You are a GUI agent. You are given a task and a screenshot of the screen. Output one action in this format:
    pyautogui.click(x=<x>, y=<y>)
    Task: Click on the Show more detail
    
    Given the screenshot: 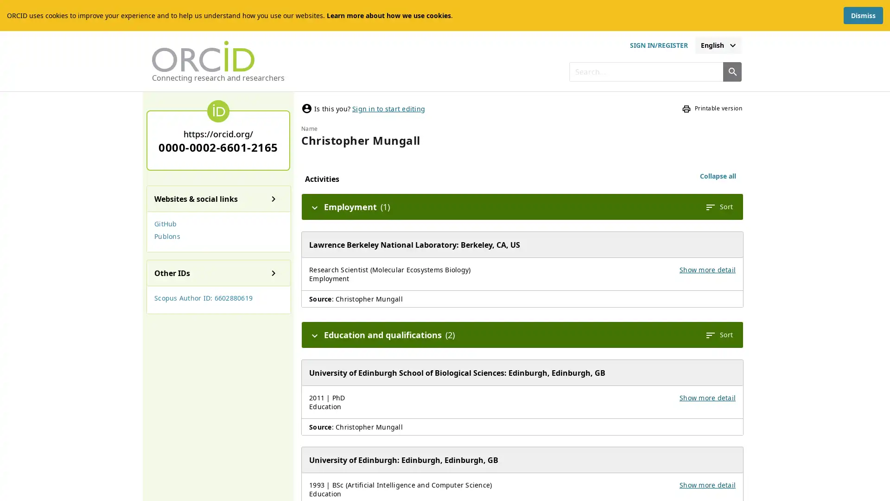 What is the action you would take?
    pyautogui.click(x=707, y=270)
    